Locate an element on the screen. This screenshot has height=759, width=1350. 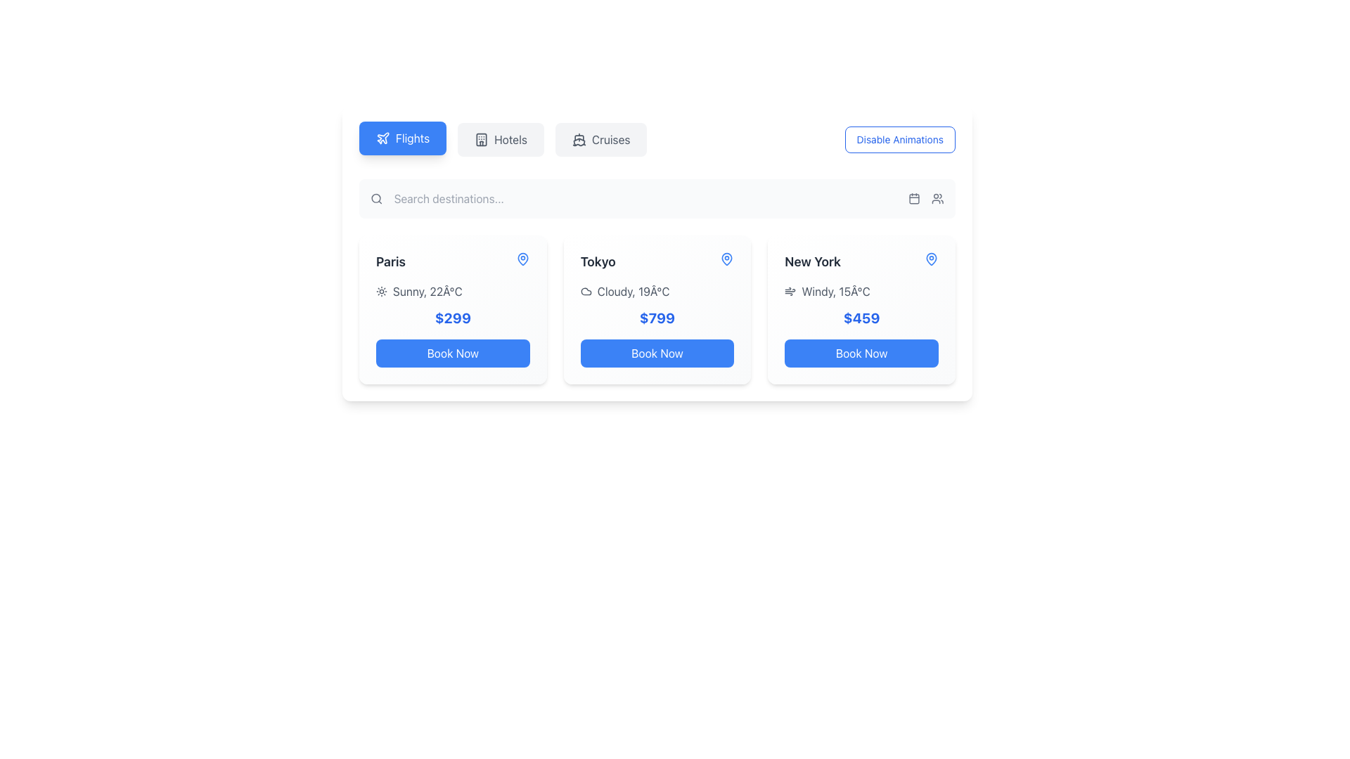
weather information text associated with the destination 'Paris', located above the price tag of '$299' within the designated box is located at coordinates (453, 291).